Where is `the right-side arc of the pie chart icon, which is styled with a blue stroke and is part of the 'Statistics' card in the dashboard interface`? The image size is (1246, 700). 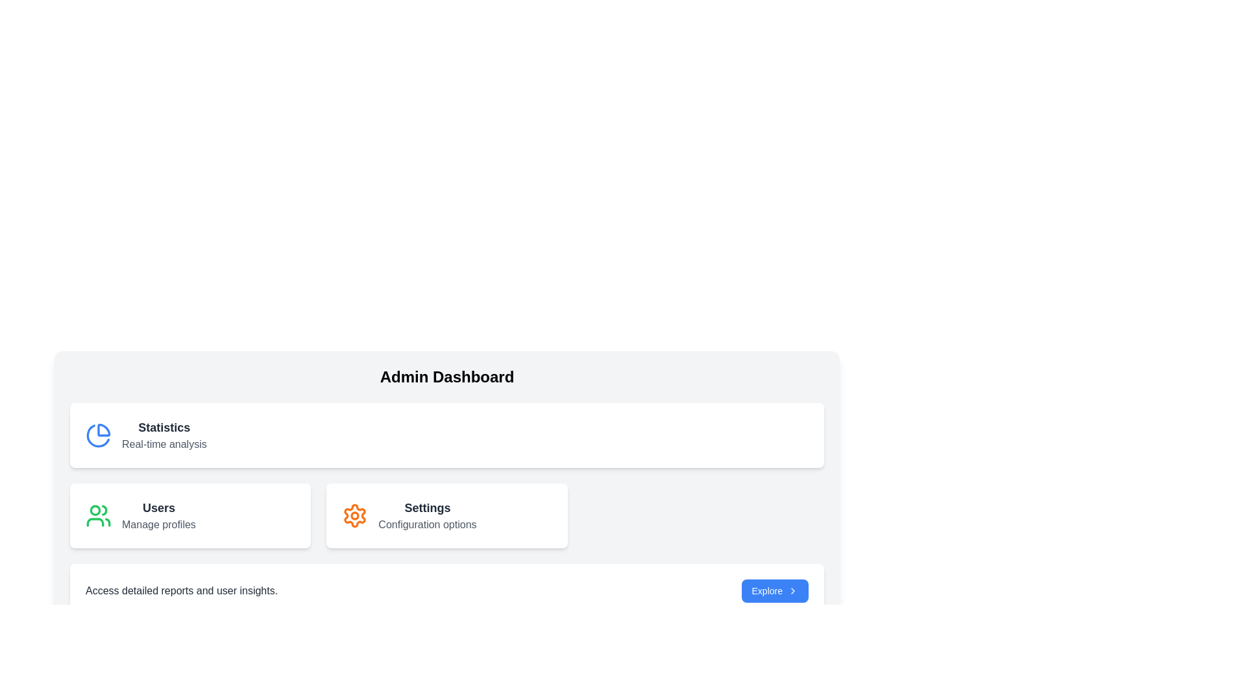
the right-side arc of the pie chart icon, which is styled with a blue stroke and is part of the 'Statistics' card in the dashboard interface is located at coordinates (104, 430).